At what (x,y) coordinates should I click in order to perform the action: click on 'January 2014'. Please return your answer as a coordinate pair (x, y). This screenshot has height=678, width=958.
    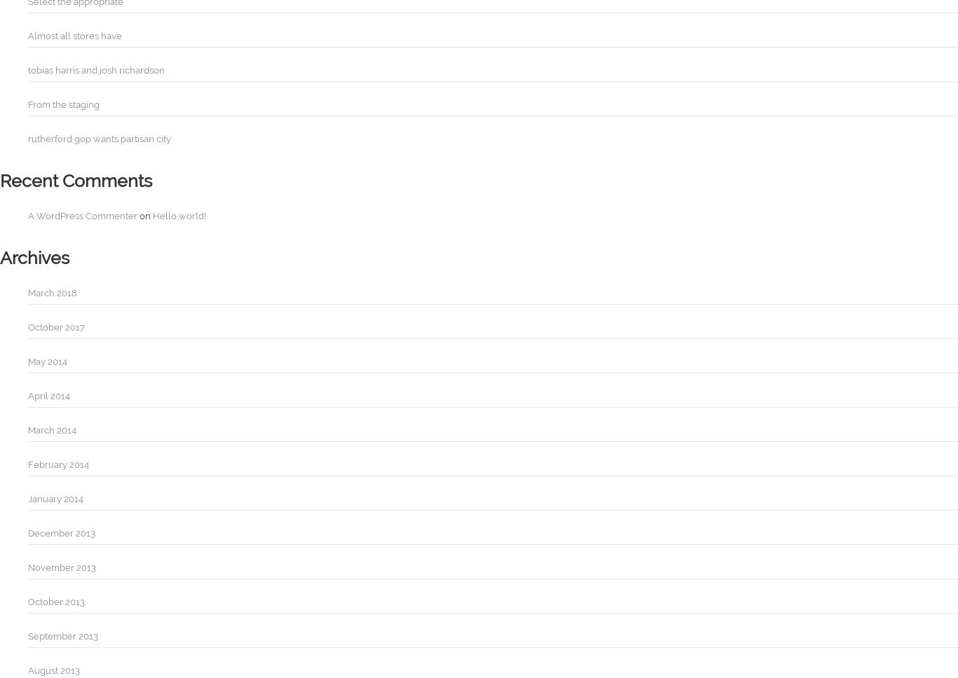
    Looking at the image, I should click on (55, 498).